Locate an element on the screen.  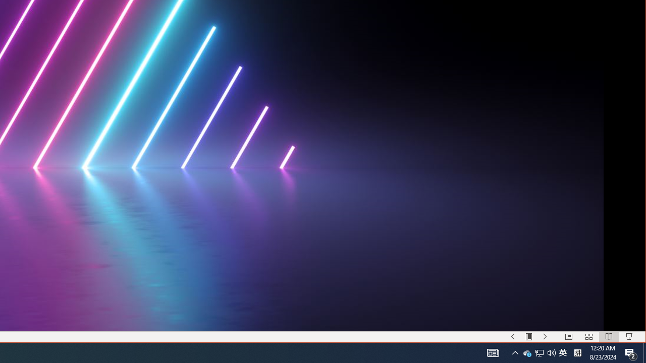
'Slide Show Previous On' is located at coordinates (513, 337).